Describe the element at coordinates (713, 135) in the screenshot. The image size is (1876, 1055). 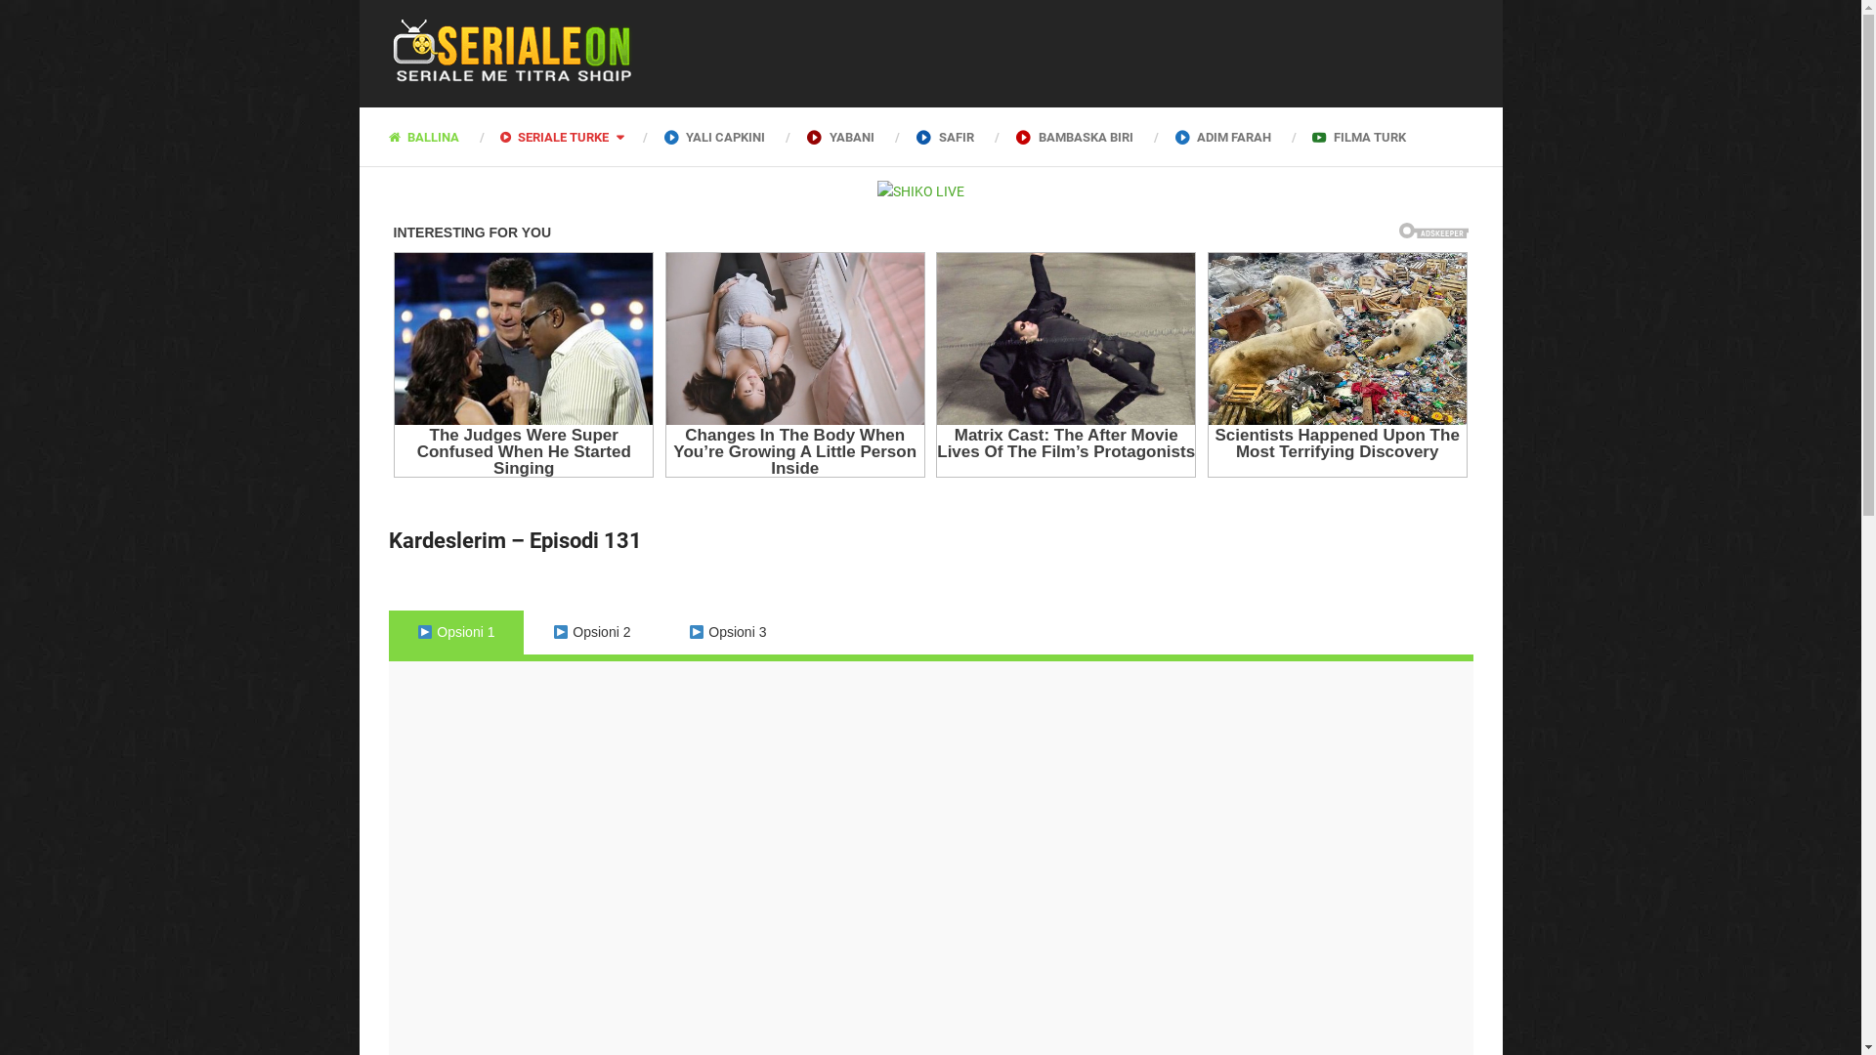
I see `'YALI CAPKINI'` at that location.